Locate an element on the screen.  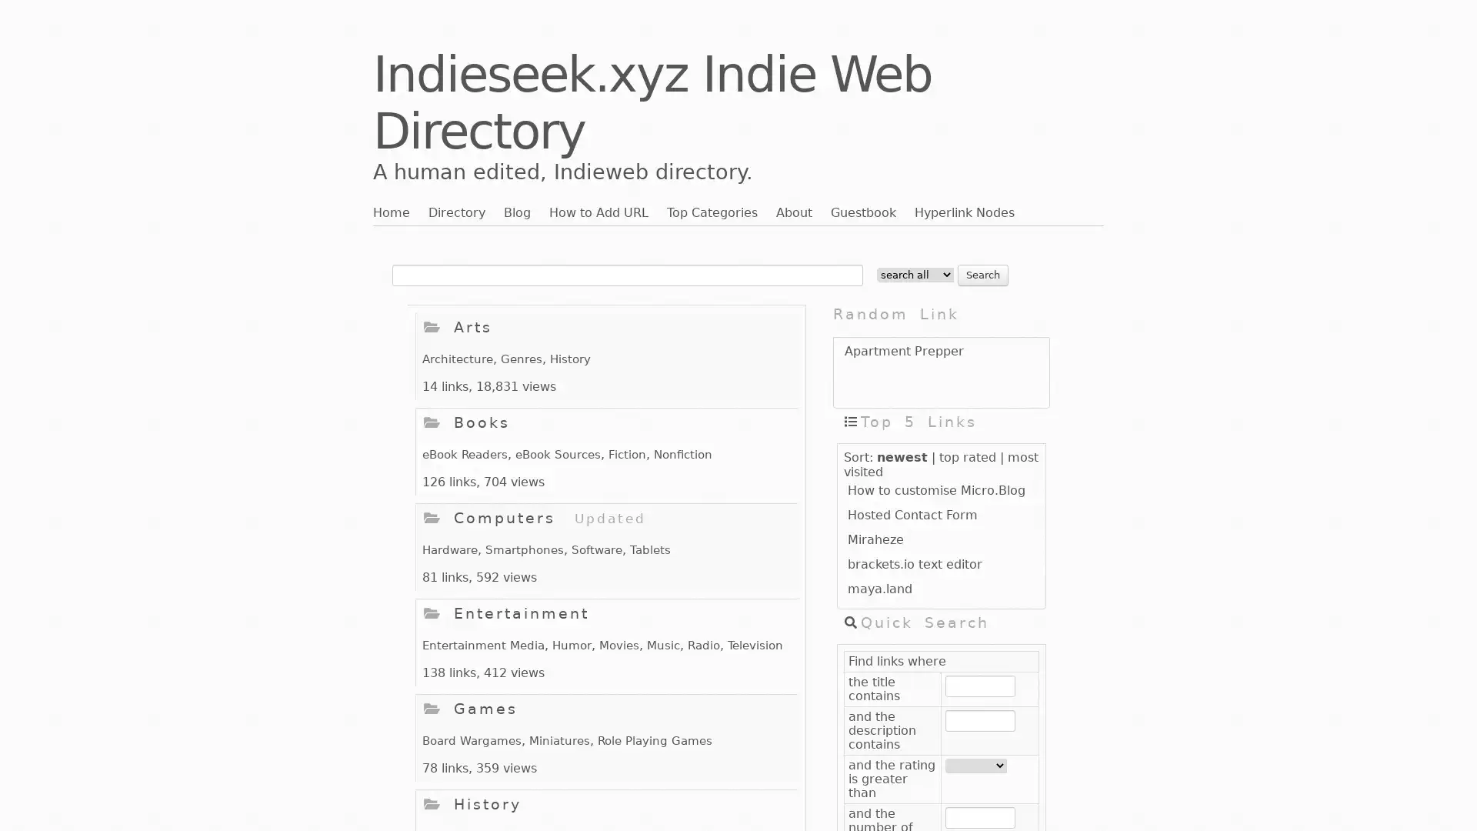
Search is located at coordinates (982, 274).